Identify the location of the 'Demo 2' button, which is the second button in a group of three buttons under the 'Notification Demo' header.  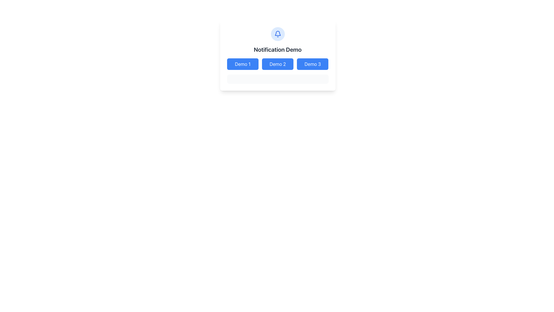
(278, 64).